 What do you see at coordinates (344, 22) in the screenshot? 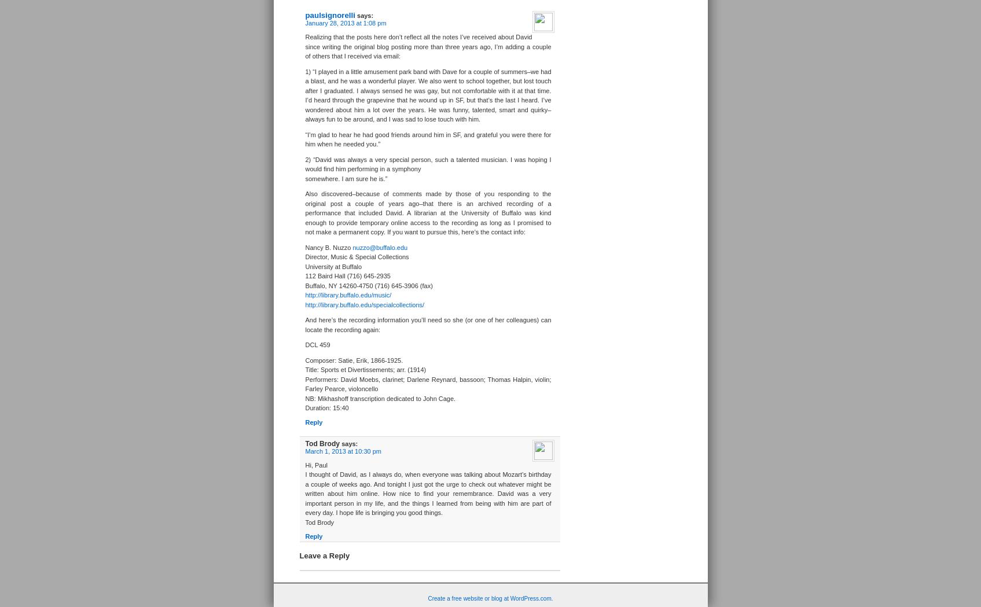
I see `'January 28, 2013 at 1:08 pm'` at bounding box center [344, 22].